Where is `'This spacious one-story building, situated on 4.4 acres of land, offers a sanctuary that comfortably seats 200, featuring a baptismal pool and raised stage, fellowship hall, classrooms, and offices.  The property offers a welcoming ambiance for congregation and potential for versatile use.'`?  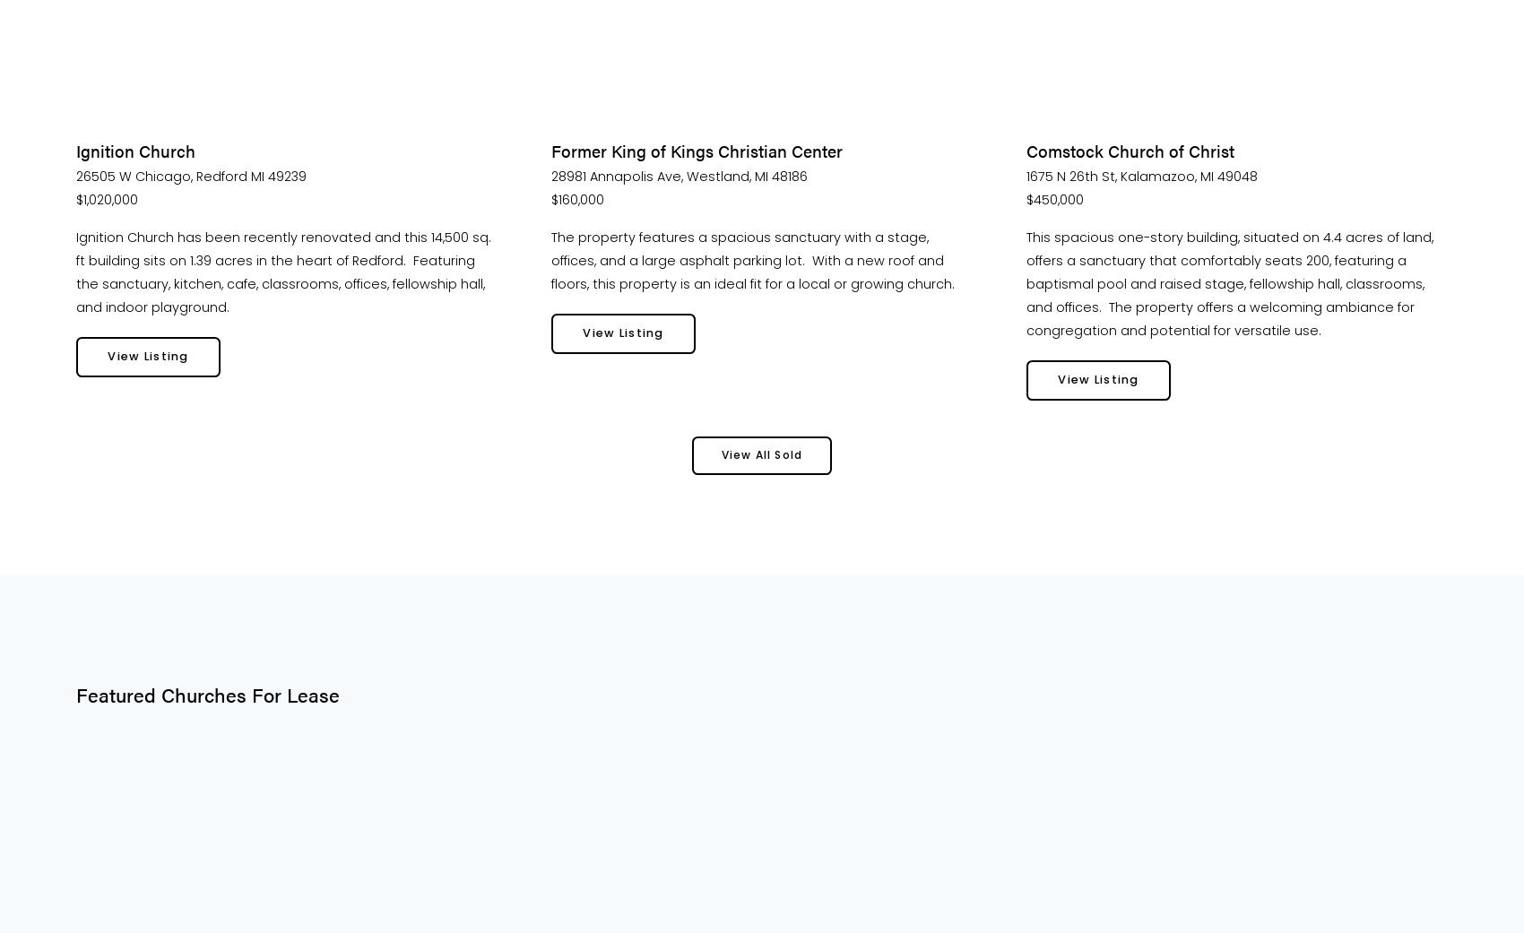
'This spacious one-story building, situated on 4.4 acres of land, offers a sanctuary that comfortably seats 200, featuring a baptismal pool and raised stage, fellowship hall, classrooms, and offices.  The property offers a welcoming ambiance for congregation and potential for versatile use.' is located at coordinates (1231, 283).